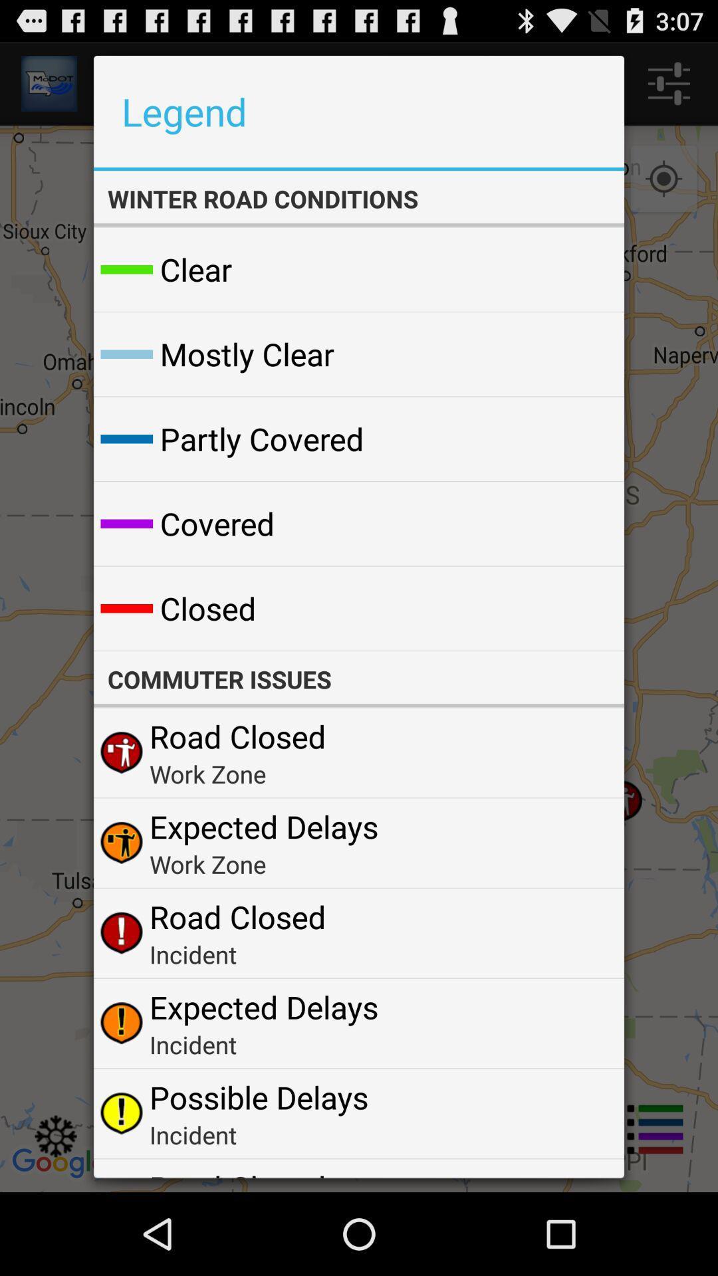 This screenshot has width=718, height=1276. What do you see at coordinates (581, 354) in the screenshot?
I see `the icon to the right of mostly clear item` at bounding box center [581, 354].